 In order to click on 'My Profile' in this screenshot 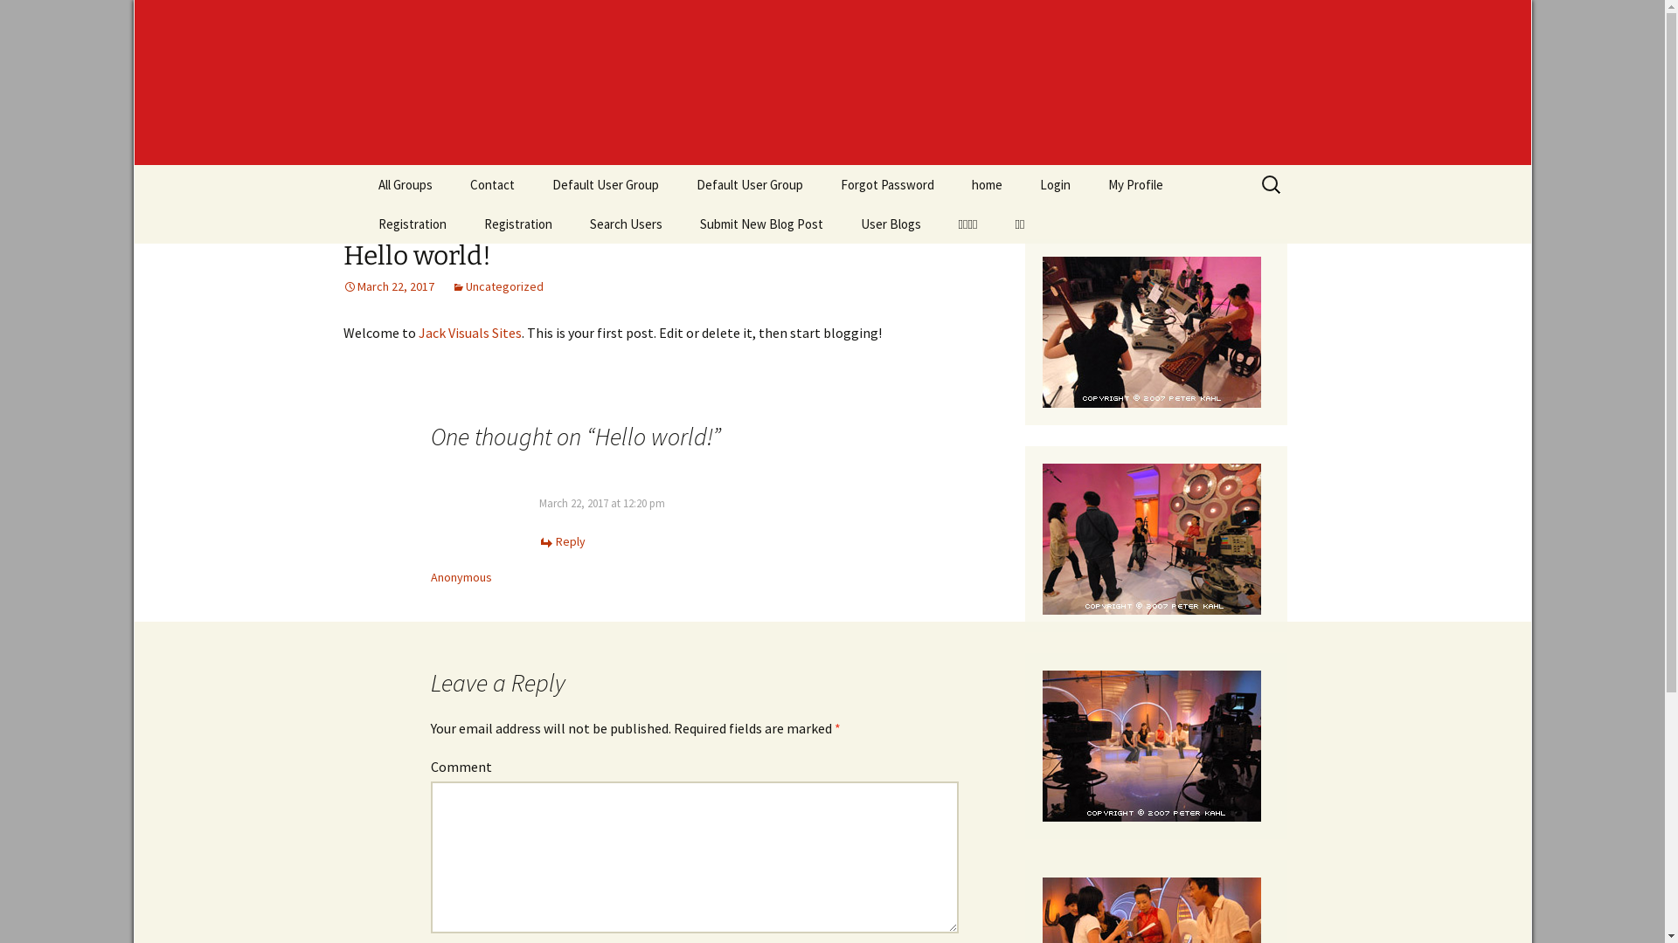, I will do `click(1135, 184)`.